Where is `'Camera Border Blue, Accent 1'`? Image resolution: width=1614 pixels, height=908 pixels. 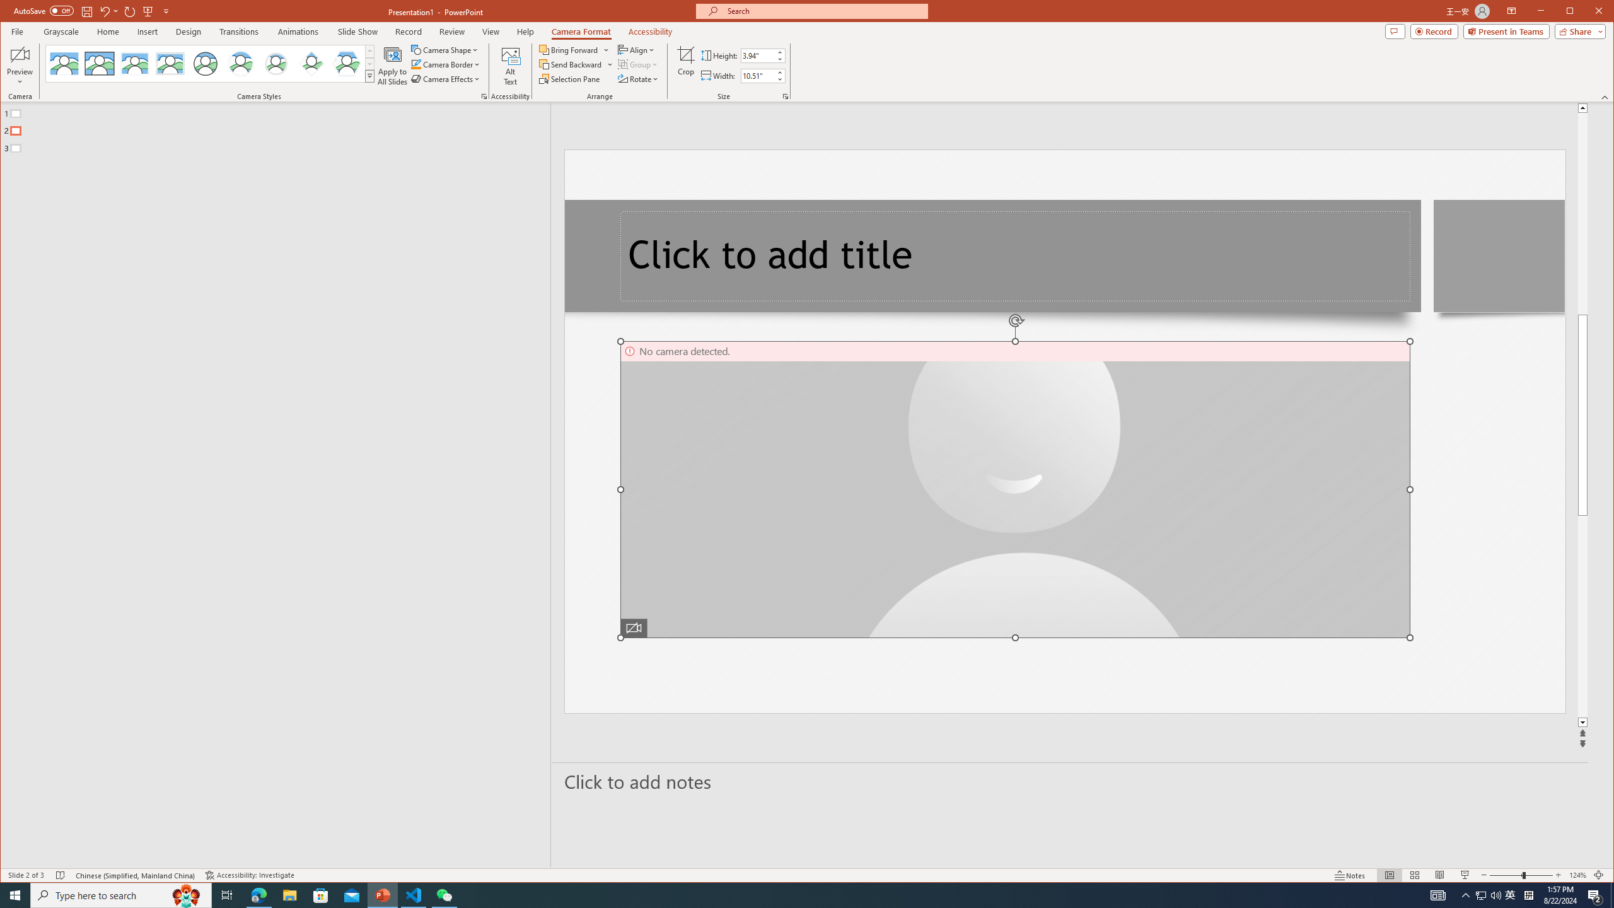 'Camera Border Blue, Accent 1' is located at coordinates (416, 64).